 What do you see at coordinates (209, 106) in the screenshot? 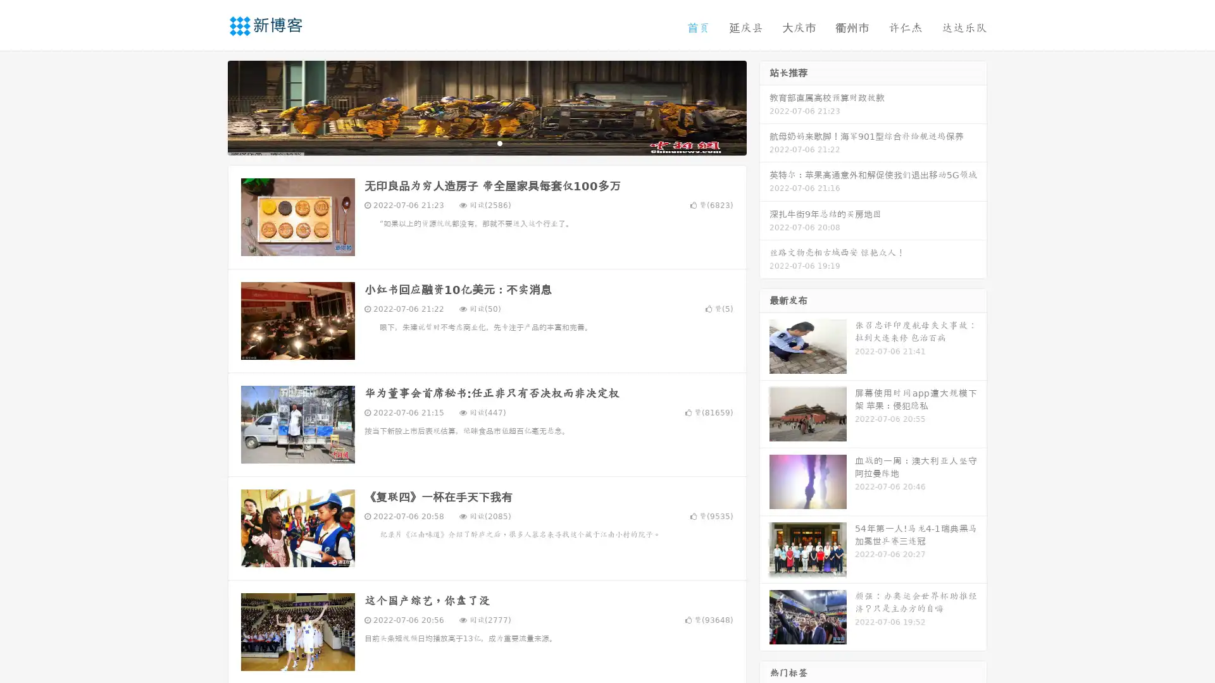
I see `Previous slide` at bounding box center [209, 106].